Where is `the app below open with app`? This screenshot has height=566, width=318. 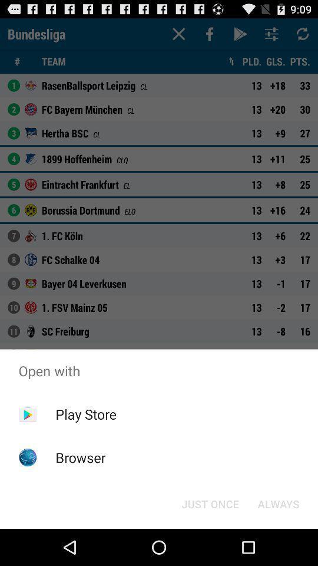 the app below open with app is located at coordinates (210, 503).